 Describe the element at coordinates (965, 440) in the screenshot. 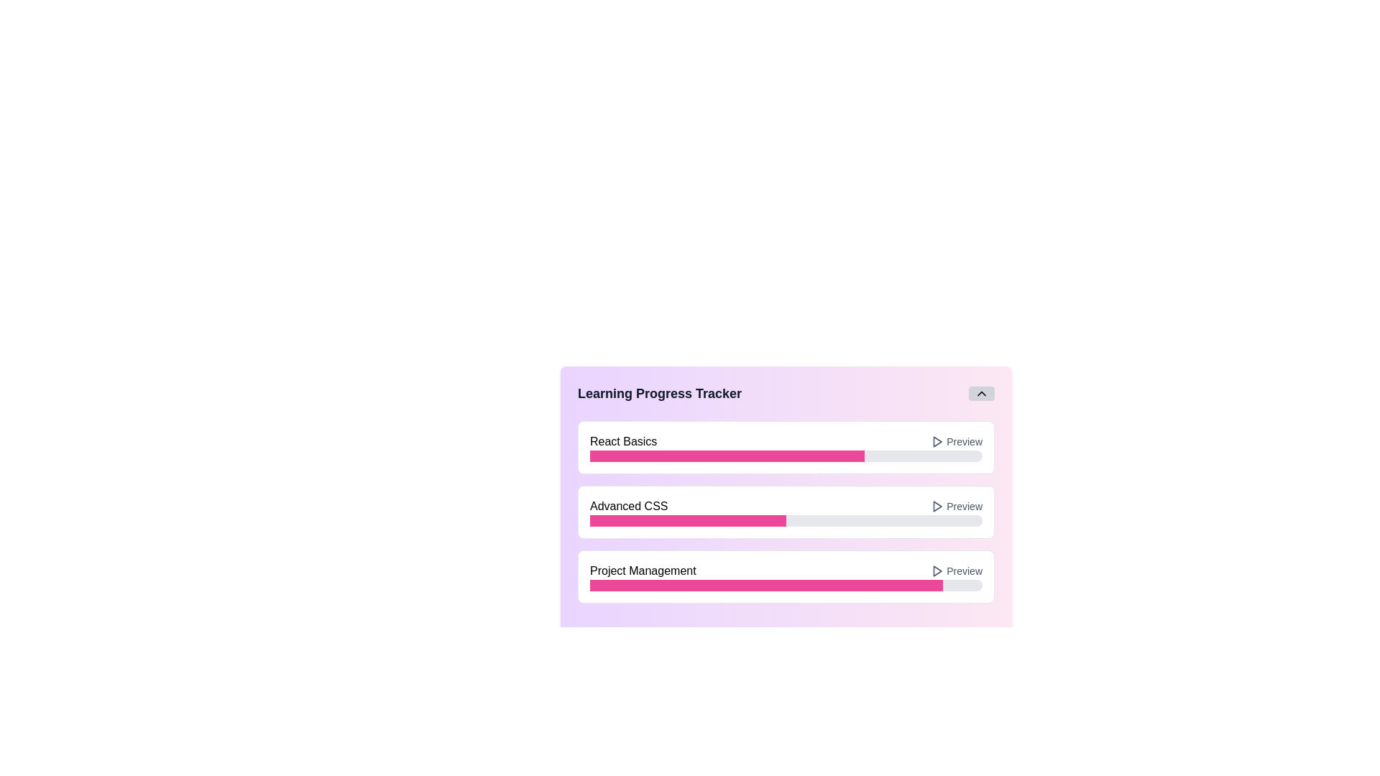

I see `'Preview' text label located next to the play icon on the right side of the topmost progress bar in the Learning Progress Tracker` at that location.